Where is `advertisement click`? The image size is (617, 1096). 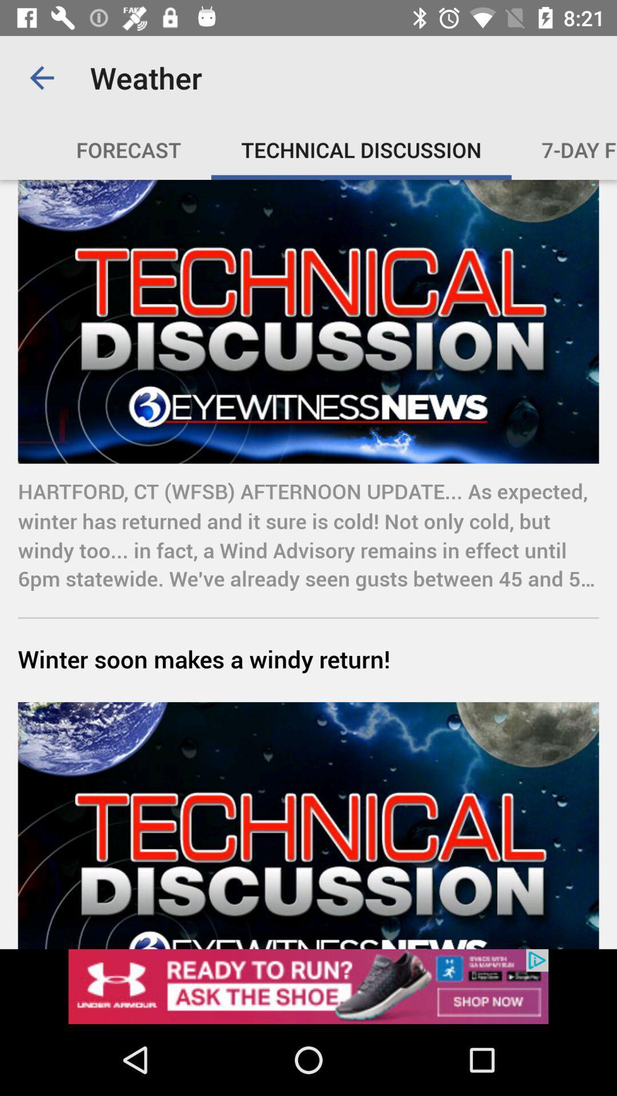 advertisement click is located at coordinates (308, 986).